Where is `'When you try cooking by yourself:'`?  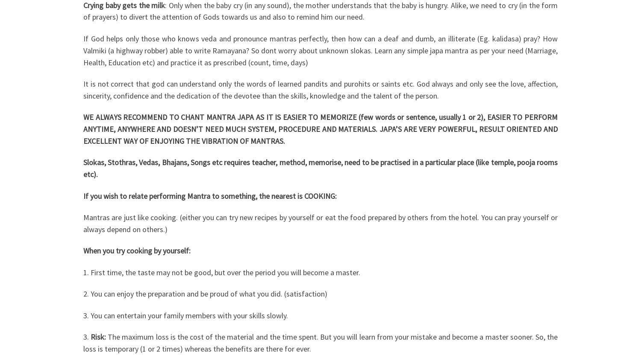
'When you try cooking by yourself:' is located at coordinates (136, 250).